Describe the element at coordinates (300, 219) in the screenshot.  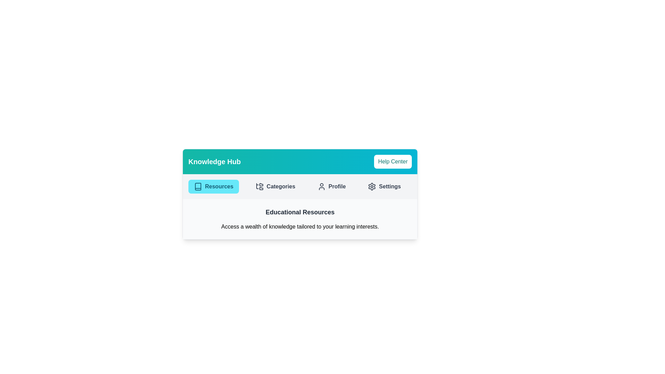
I see `the informational section that provides details about the 'Educational Resources' content, positioned beneath the navigation bar` at that location.